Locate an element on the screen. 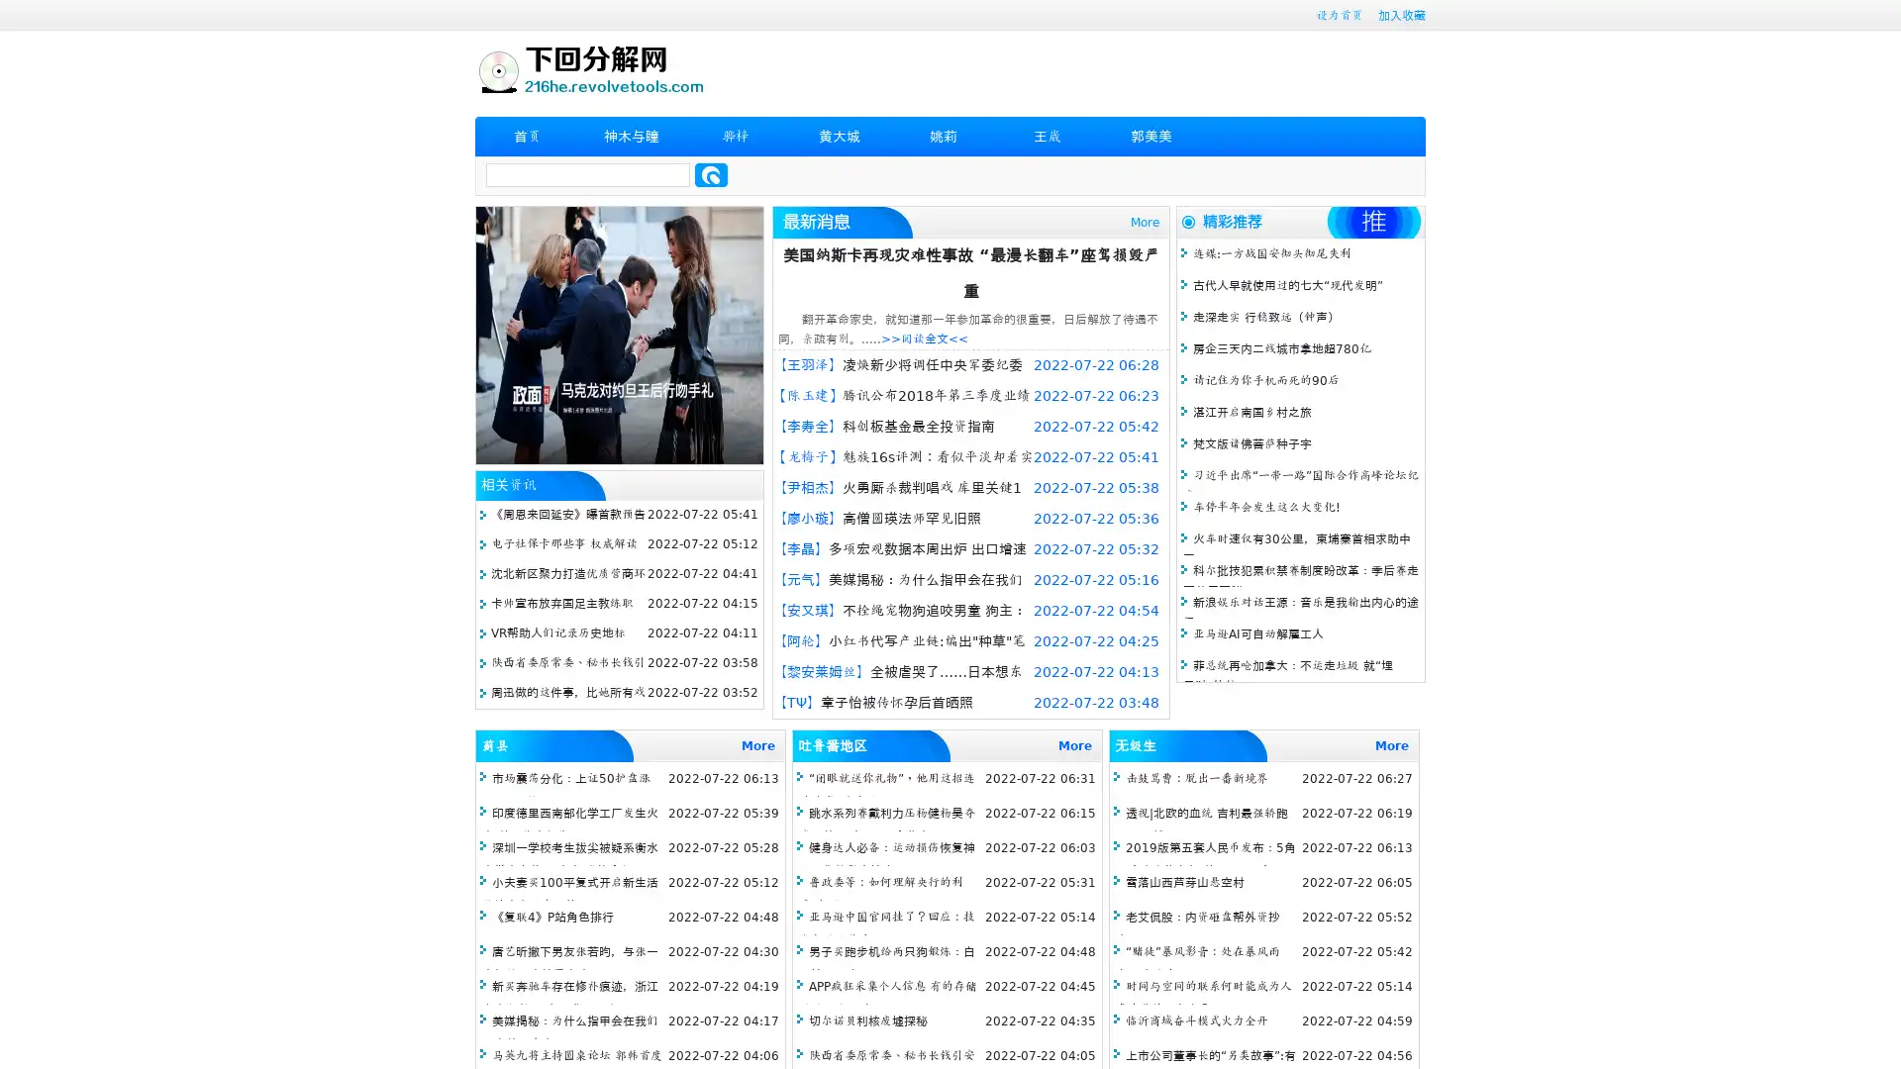  Search is located at coordinates (711, 174).